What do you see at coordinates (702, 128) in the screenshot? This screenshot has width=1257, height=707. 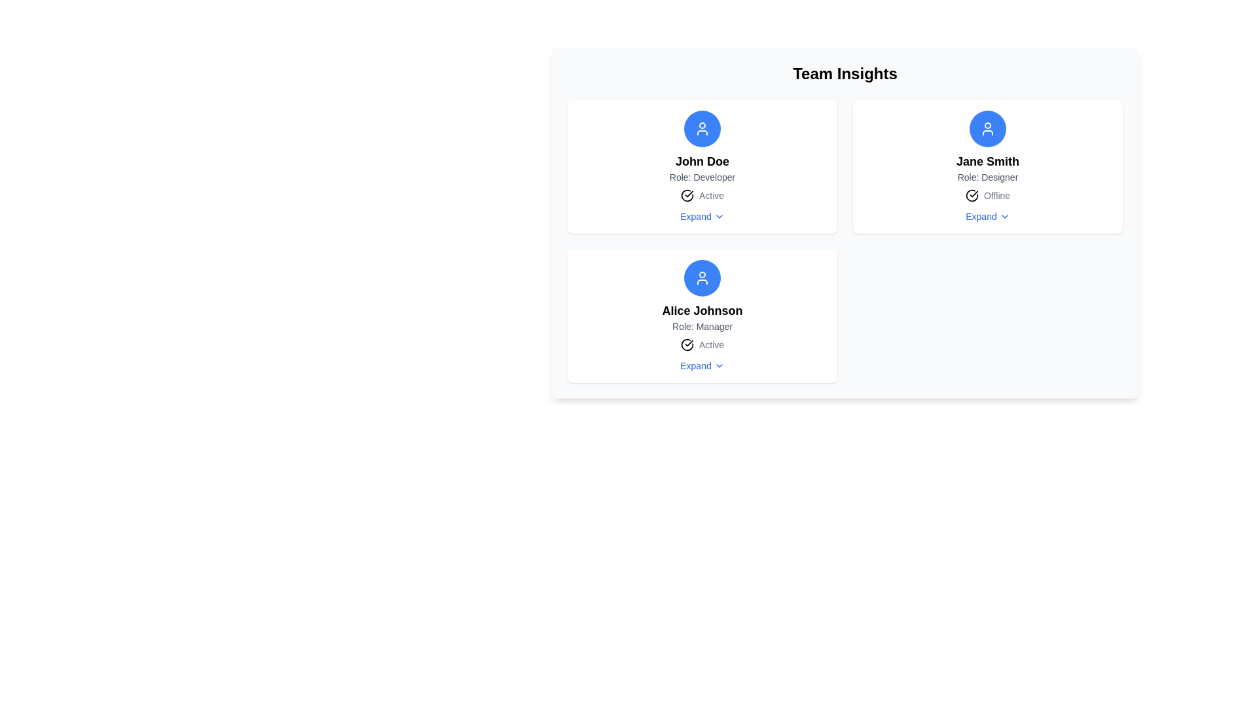 I see `the circular blue icon featuring a white silhouette of a user, located at the top center of the 'Team Insights' section, above the 'John Doe' text label` at bounding box center [702, 128].